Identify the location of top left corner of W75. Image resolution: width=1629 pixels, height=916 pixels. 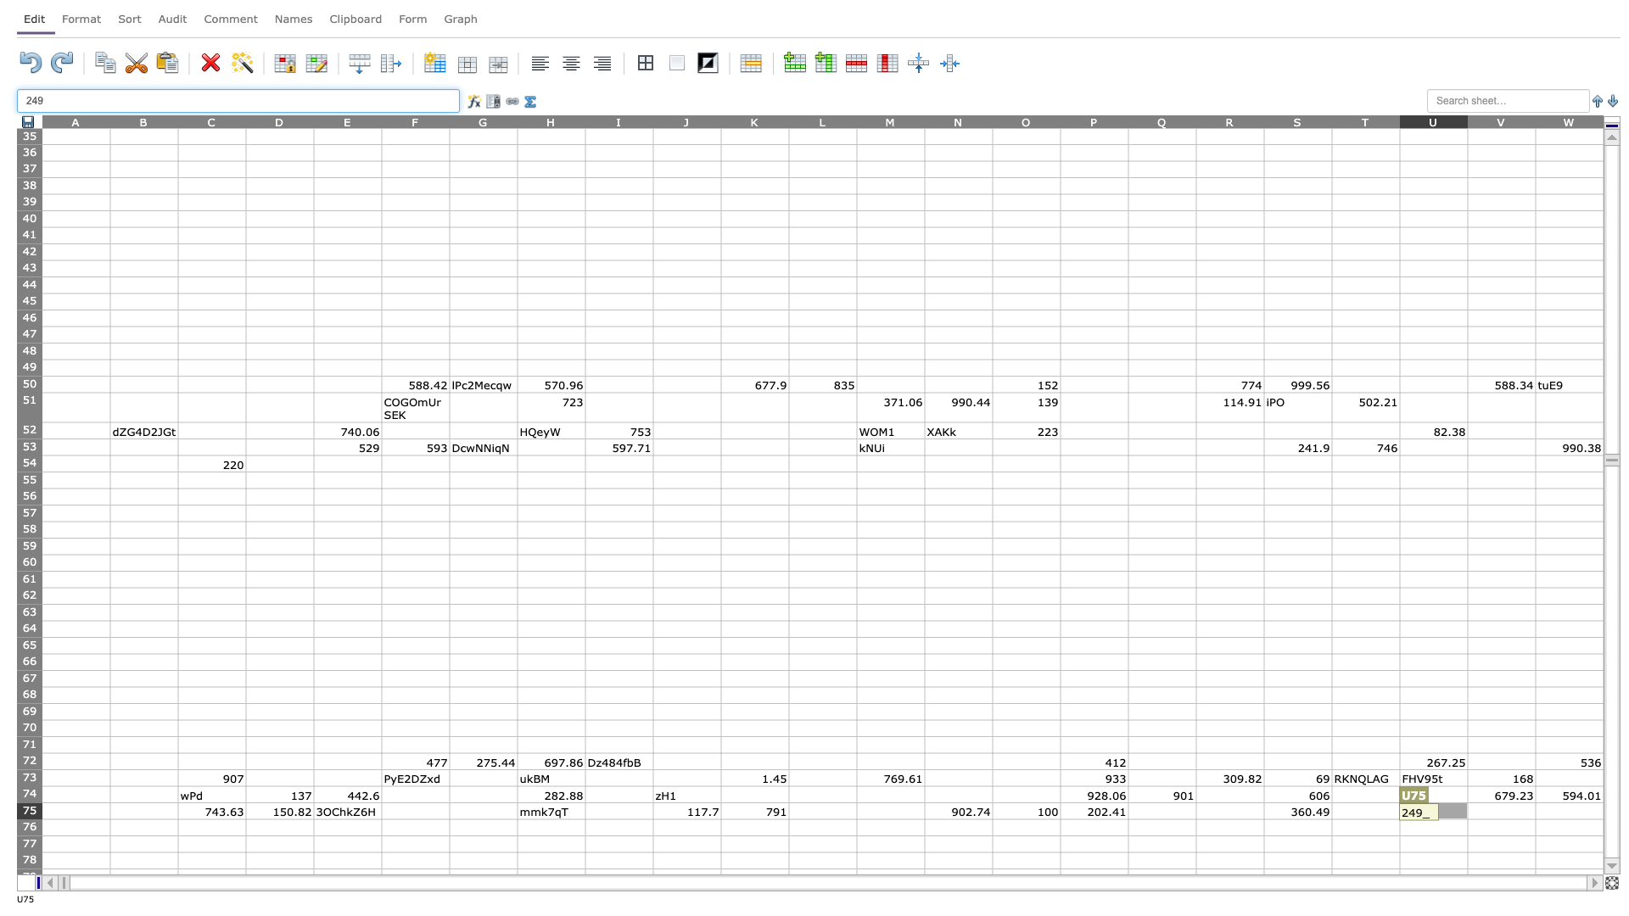
(1535, 801).